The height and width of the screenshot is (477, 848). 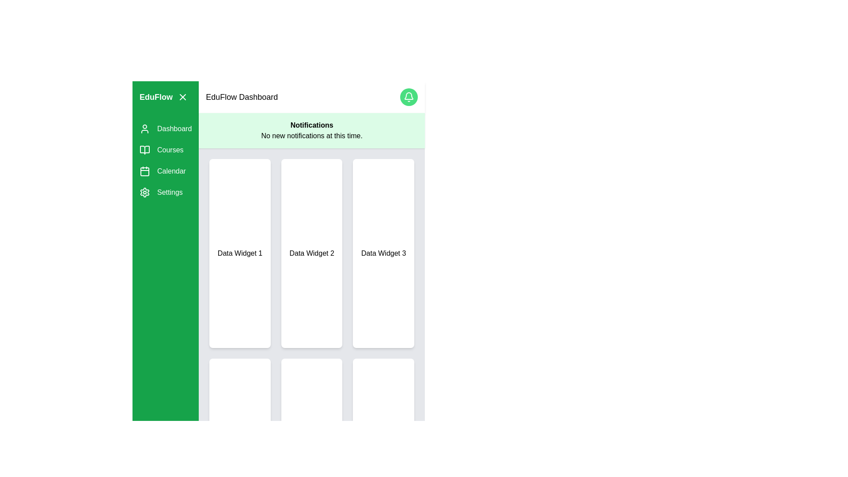 I want to click on the 'X' shaped close icon located at the top right corner of the header section, so click(x=182, y=97).